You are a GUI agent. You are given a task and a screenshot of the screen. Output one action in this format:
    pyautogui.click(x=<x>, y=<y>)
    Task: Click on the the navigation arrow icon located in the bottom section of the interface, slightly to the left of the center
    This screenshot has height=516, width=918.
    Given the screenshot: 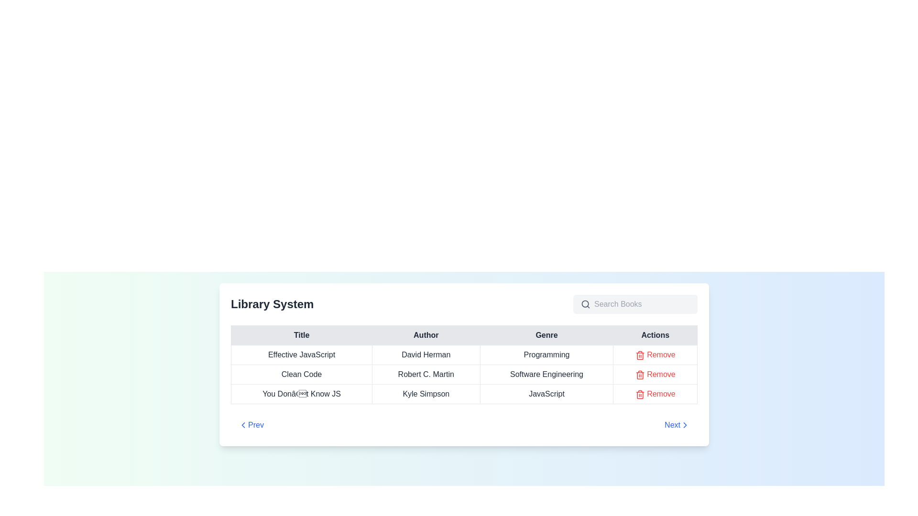 What is the action you would take?
    pyautogui.click(x=243, y=425)
    